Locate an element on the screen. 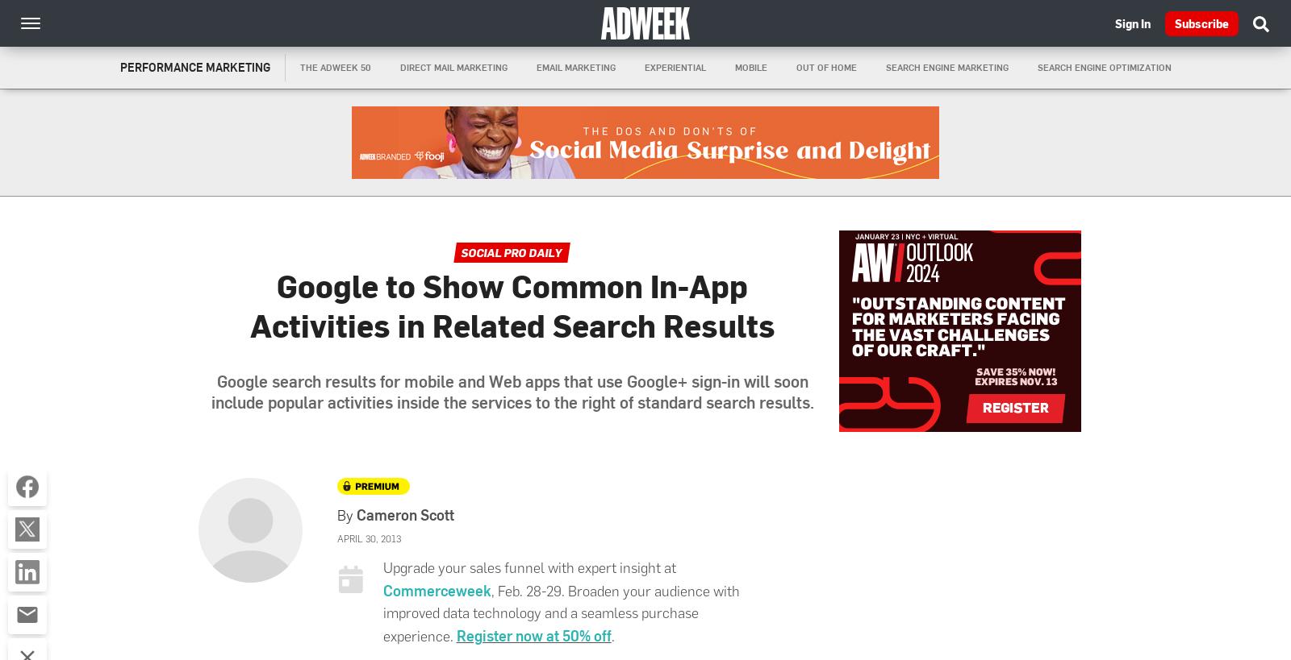 The width and height of the screenshot is (1291, 660). '.' is located at coordinates (610, 637).